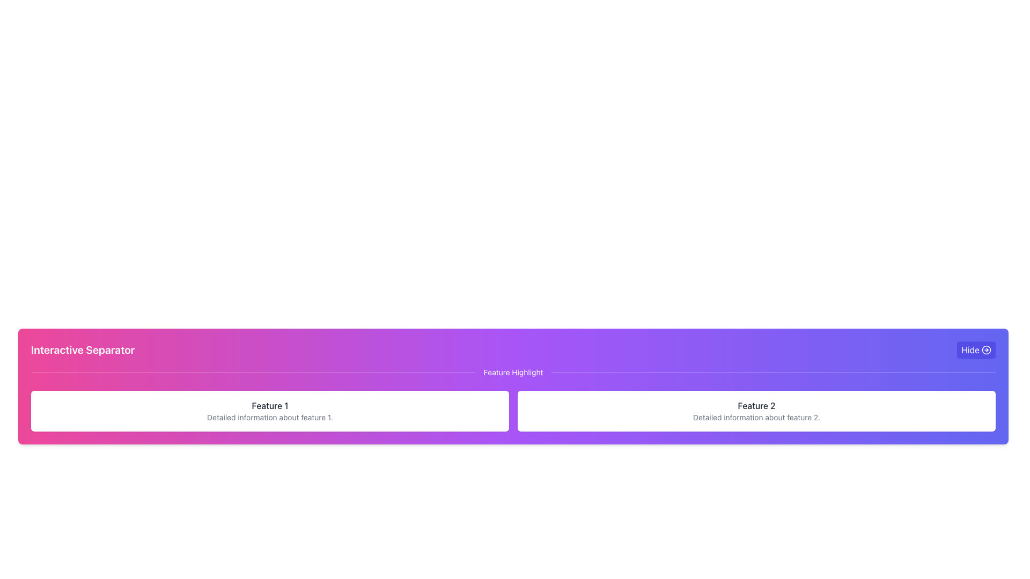 This screenshot has height=579, width=1030. Describe the element at coordinates (270, 417) in the screenshot. I see `the text block that contains the description 'Detailed information about feature 1.' located within the white rounded card under the title 'Feature 1.'` at that location.